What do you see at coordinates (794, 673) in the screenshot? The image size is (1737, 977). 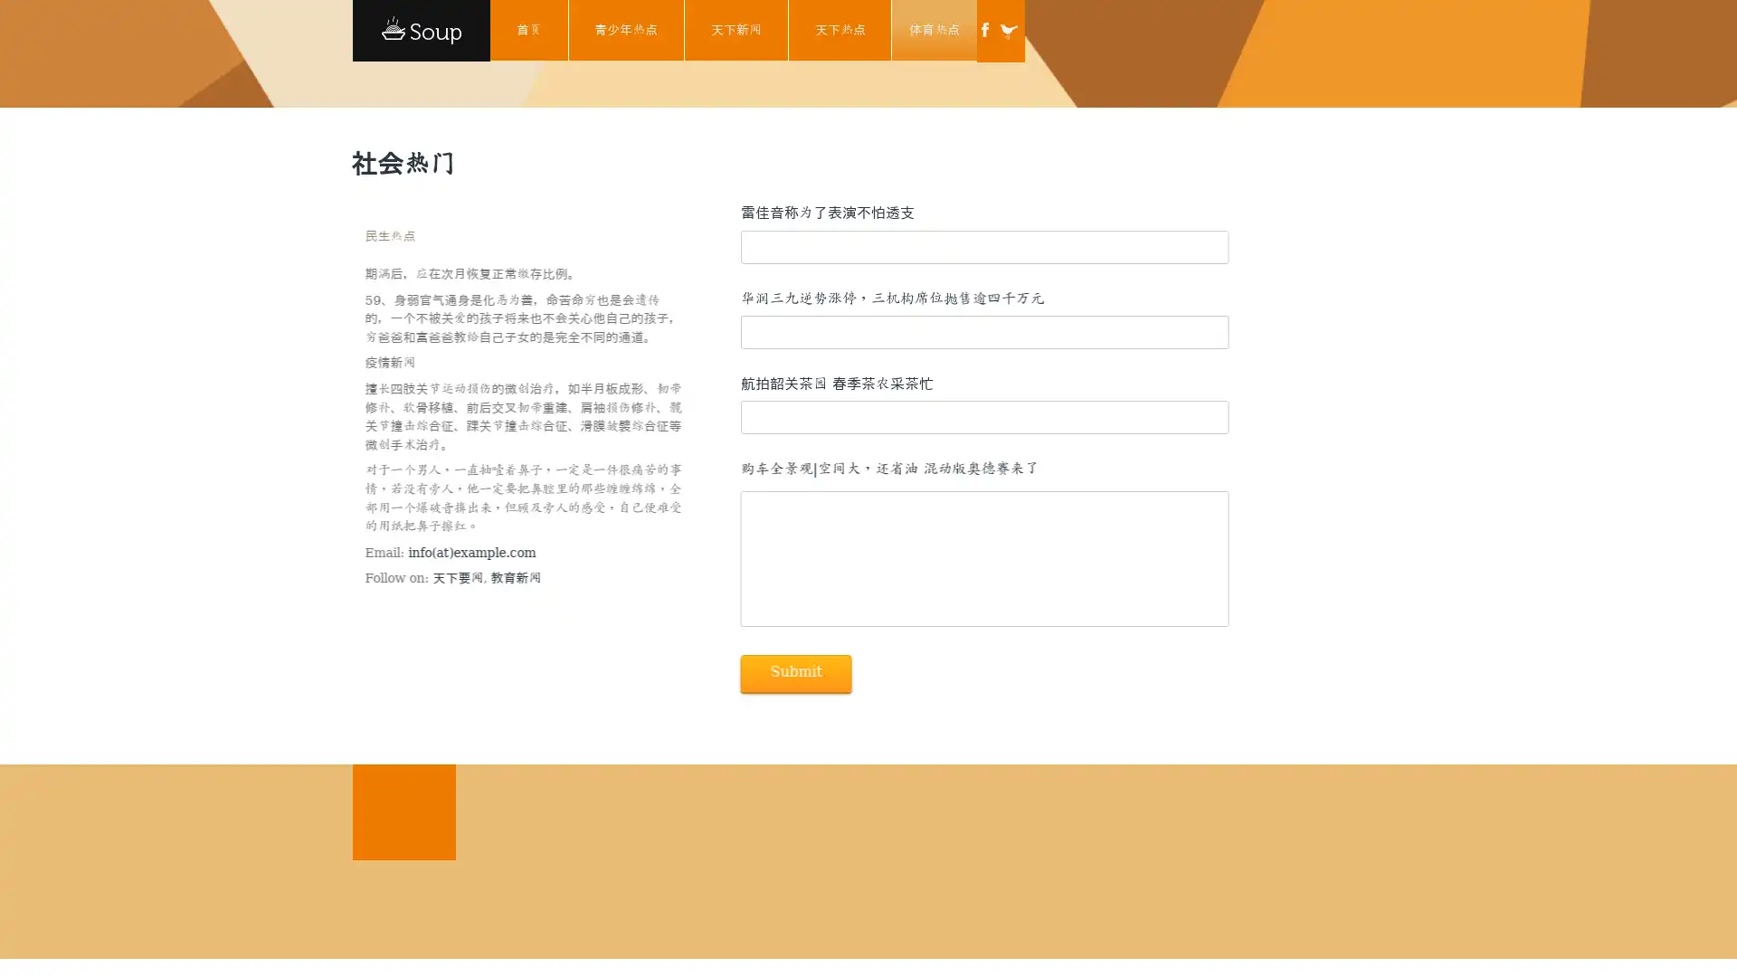 I see `Submit` at bounding box center [794, 673].